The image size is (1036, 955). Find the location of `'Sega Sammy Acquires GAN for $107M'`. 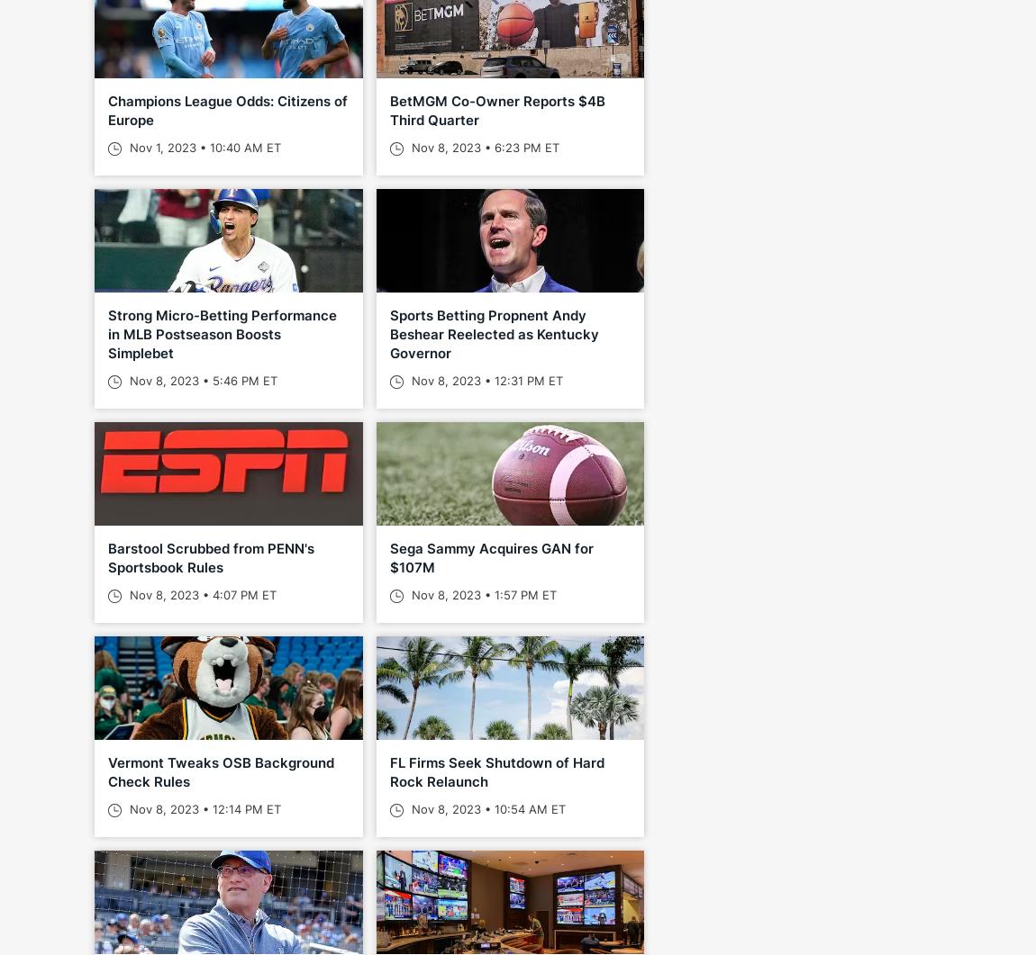

'Sega Sammy Acquires GAN for $107M' is located at coordinates (490, 557).